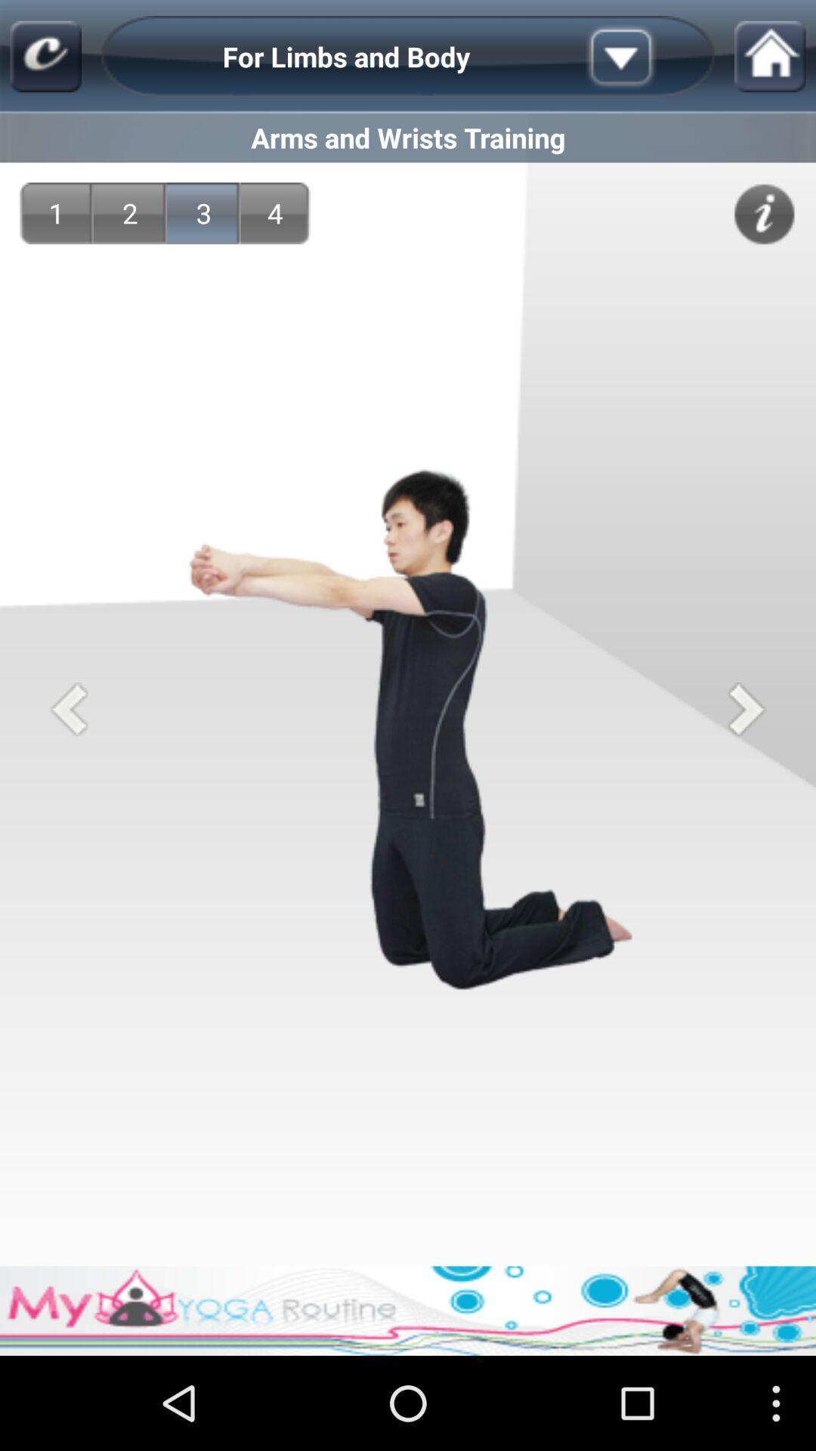  Describe the element at coordinates (764, 213) in the screenshot. I see `icon below the arms and wrists app` at that location.